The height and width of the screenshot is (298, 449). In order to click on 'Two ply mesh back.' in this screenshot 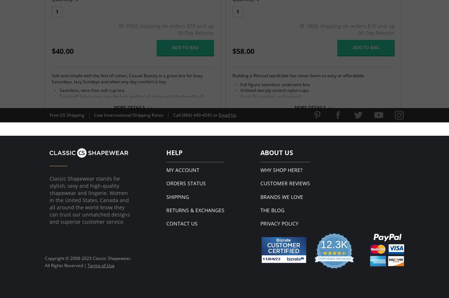, I will do `click(79, 132)`.